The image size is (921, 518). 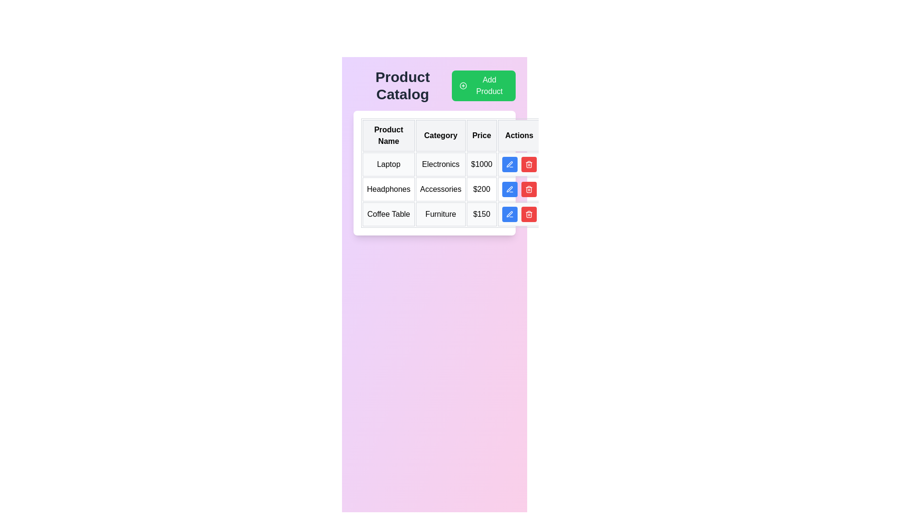 I want to click on the edit icon inside the clickable button in the third row of the table under the 'Actions' column, so click(x=509, y=164).